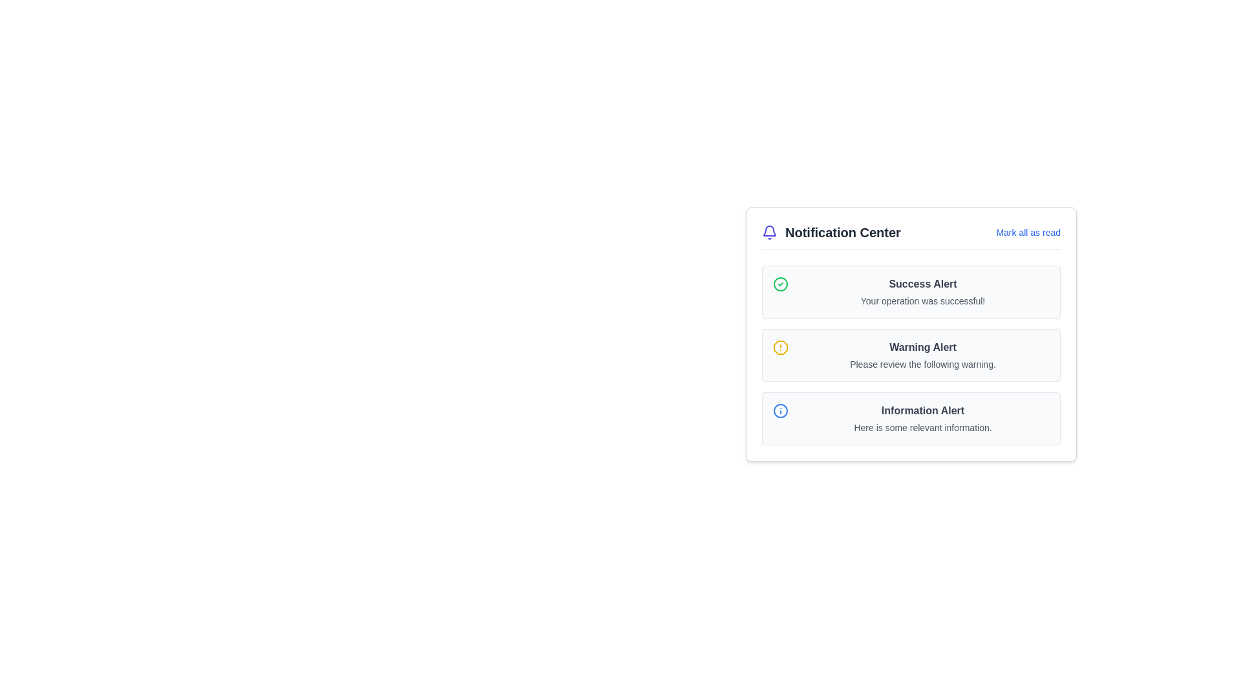 This screenshot has width=1241, height=698. Describe the element at coordinates (911, 333) in the screenshot. I see `the second notification card in the Notification Center to acknowledge the warning alert` at that location.